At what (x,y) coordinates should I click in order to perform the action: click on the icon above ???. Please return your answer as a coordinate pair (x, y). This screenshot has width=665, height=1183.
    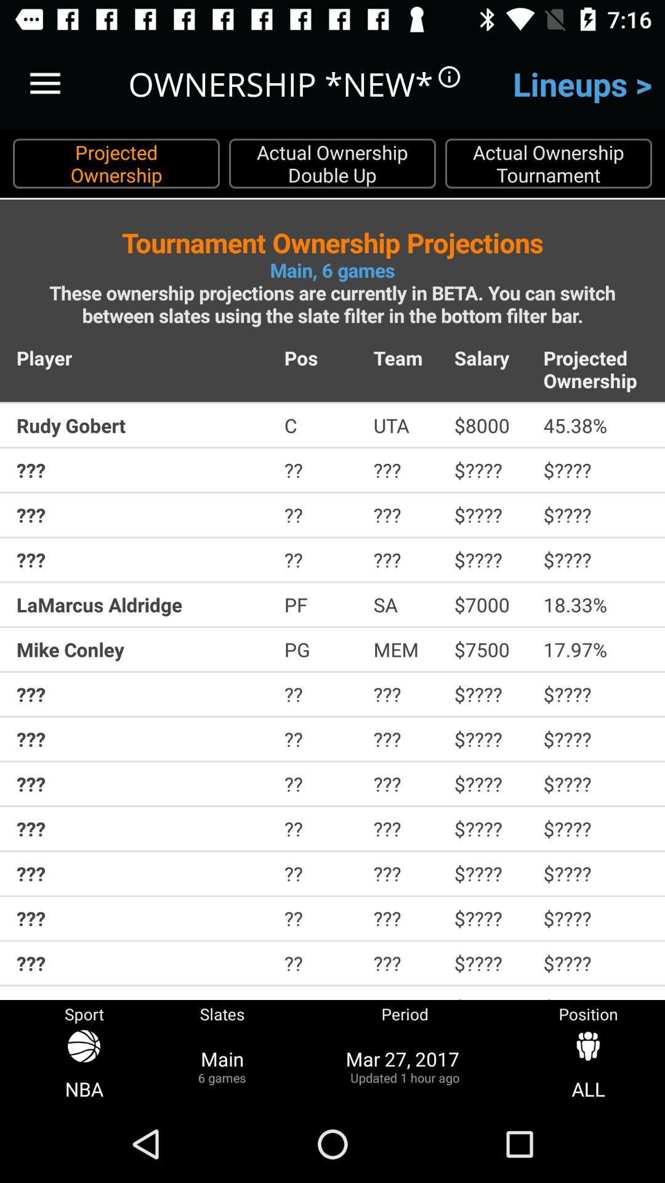
    Looking at the image, I should click on (320, 425).